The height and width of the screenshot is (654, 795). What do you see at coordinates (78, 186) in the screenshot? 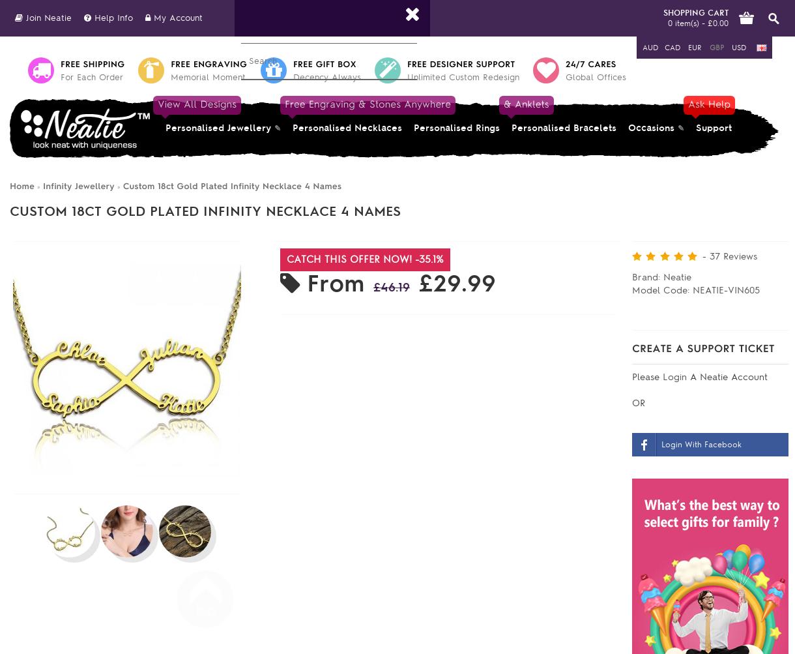
I see `'Infinity Jewellery'` at bounding box center [78, 186].